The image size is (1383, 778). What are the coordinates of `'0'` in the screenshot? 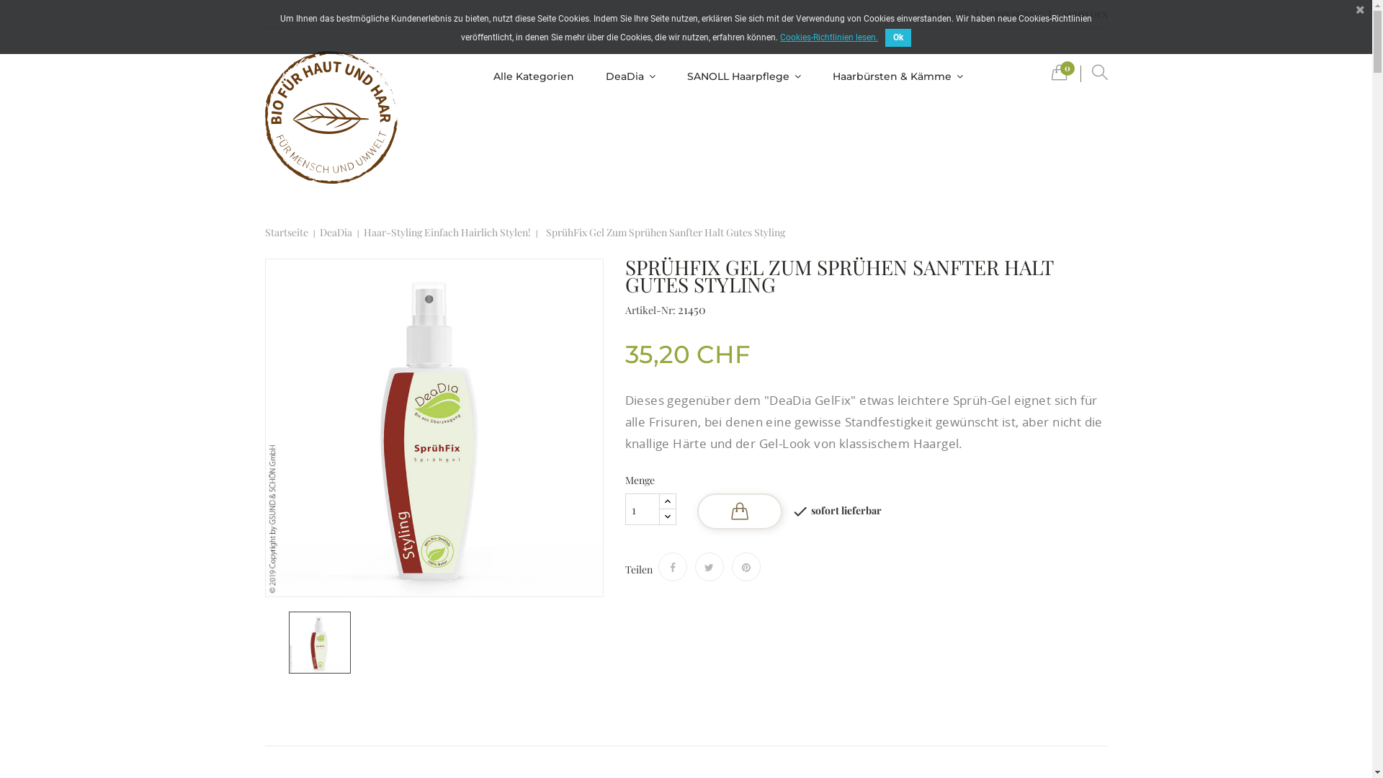 It's located at (1059, 76).